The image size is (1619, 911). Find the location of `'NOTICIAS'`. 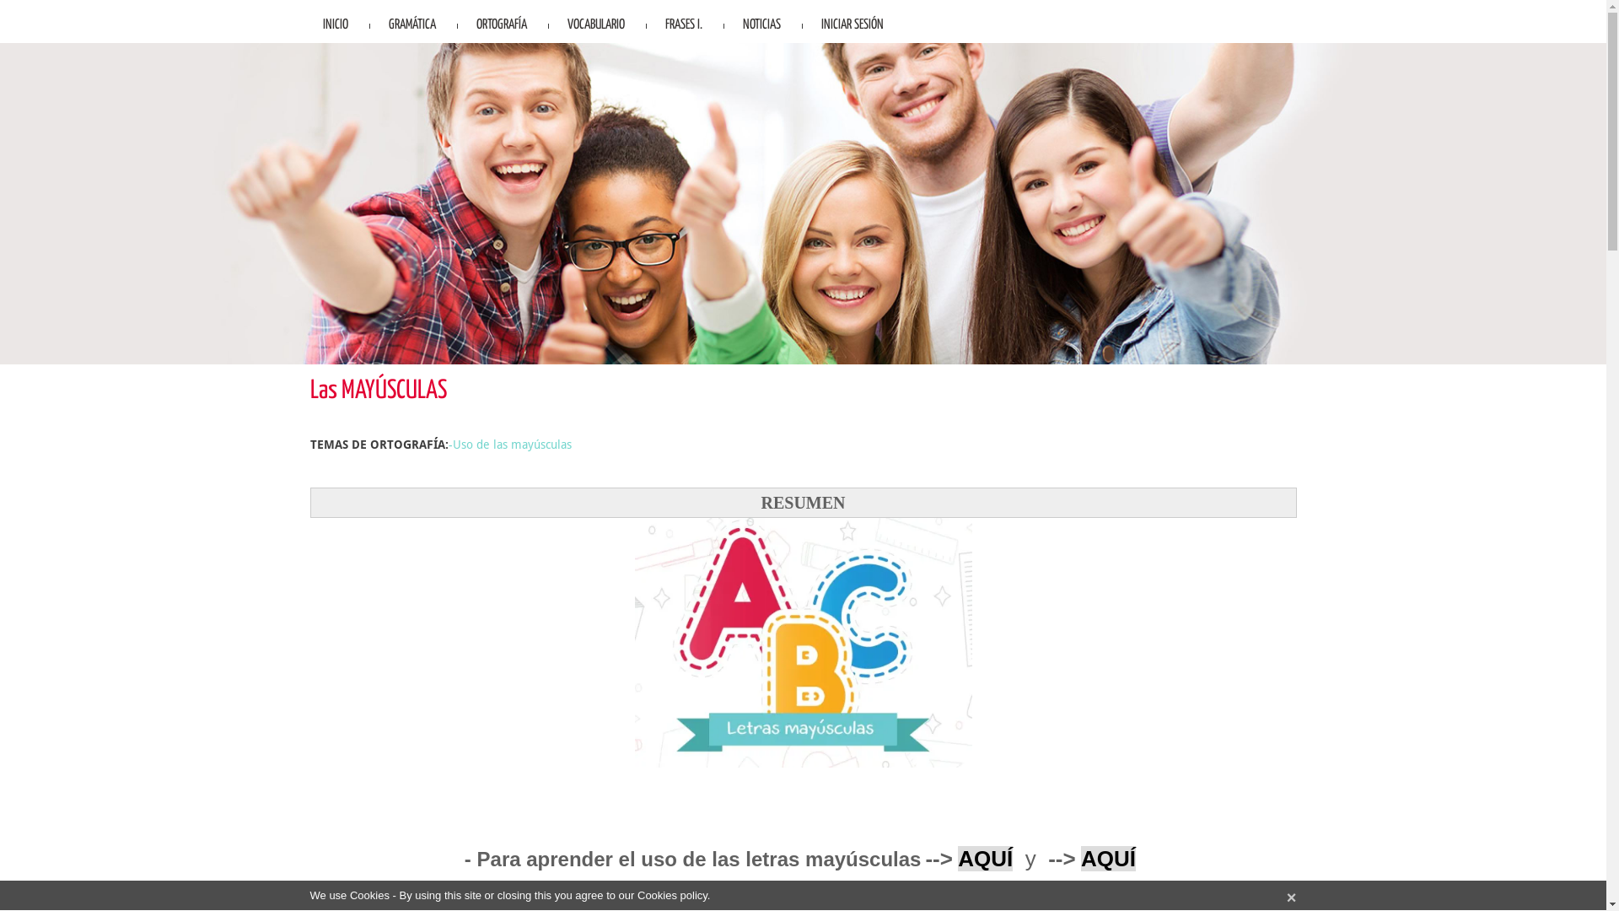

'NOTICIAS' is located at coordinates (729, 21).